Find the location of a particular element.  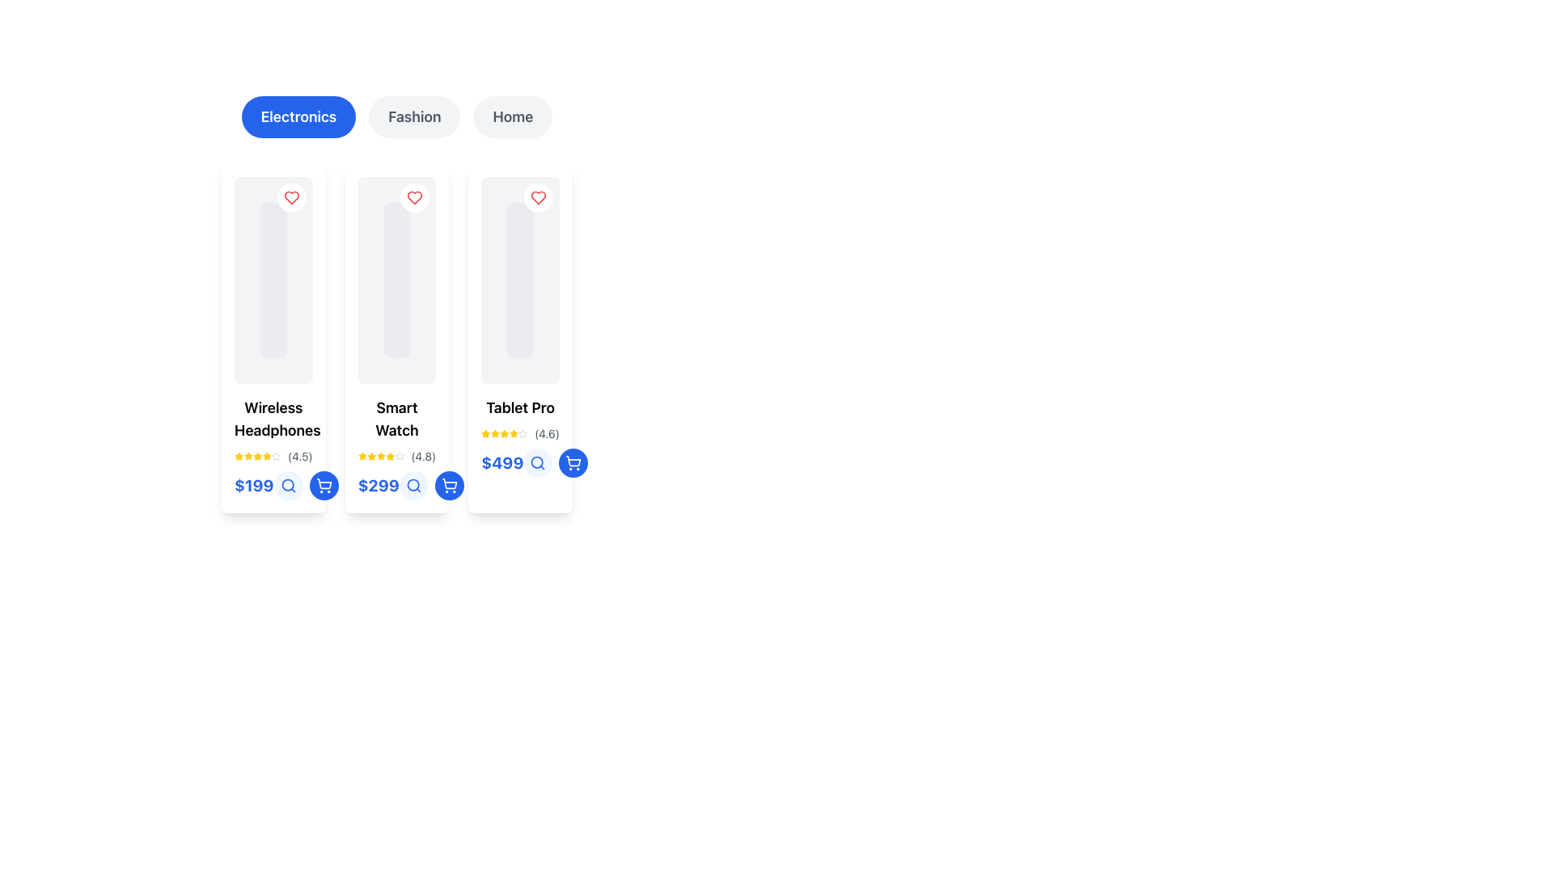

the loading indicator placeholder component, which is a vertically rectangular box with a light gray background and rounded corners, located in the second column of the 'Smart Watch' card under the 'Electronics' section is located at coordinates (396, 280).